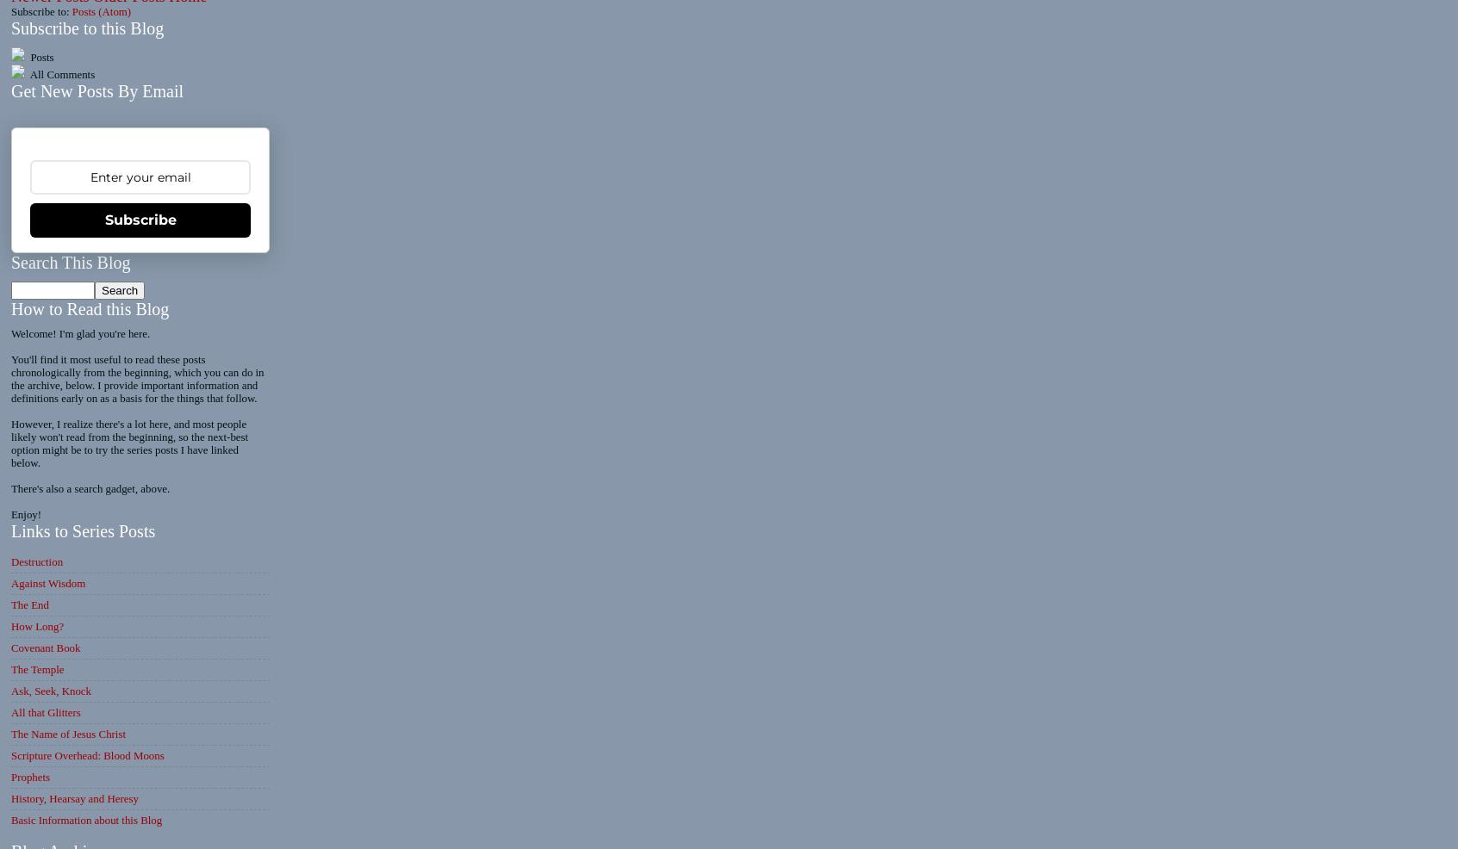  What do you see at coordinates (10, 668) in the screenshot?
I see `'The Temple'` at bounding box center [10, 668].